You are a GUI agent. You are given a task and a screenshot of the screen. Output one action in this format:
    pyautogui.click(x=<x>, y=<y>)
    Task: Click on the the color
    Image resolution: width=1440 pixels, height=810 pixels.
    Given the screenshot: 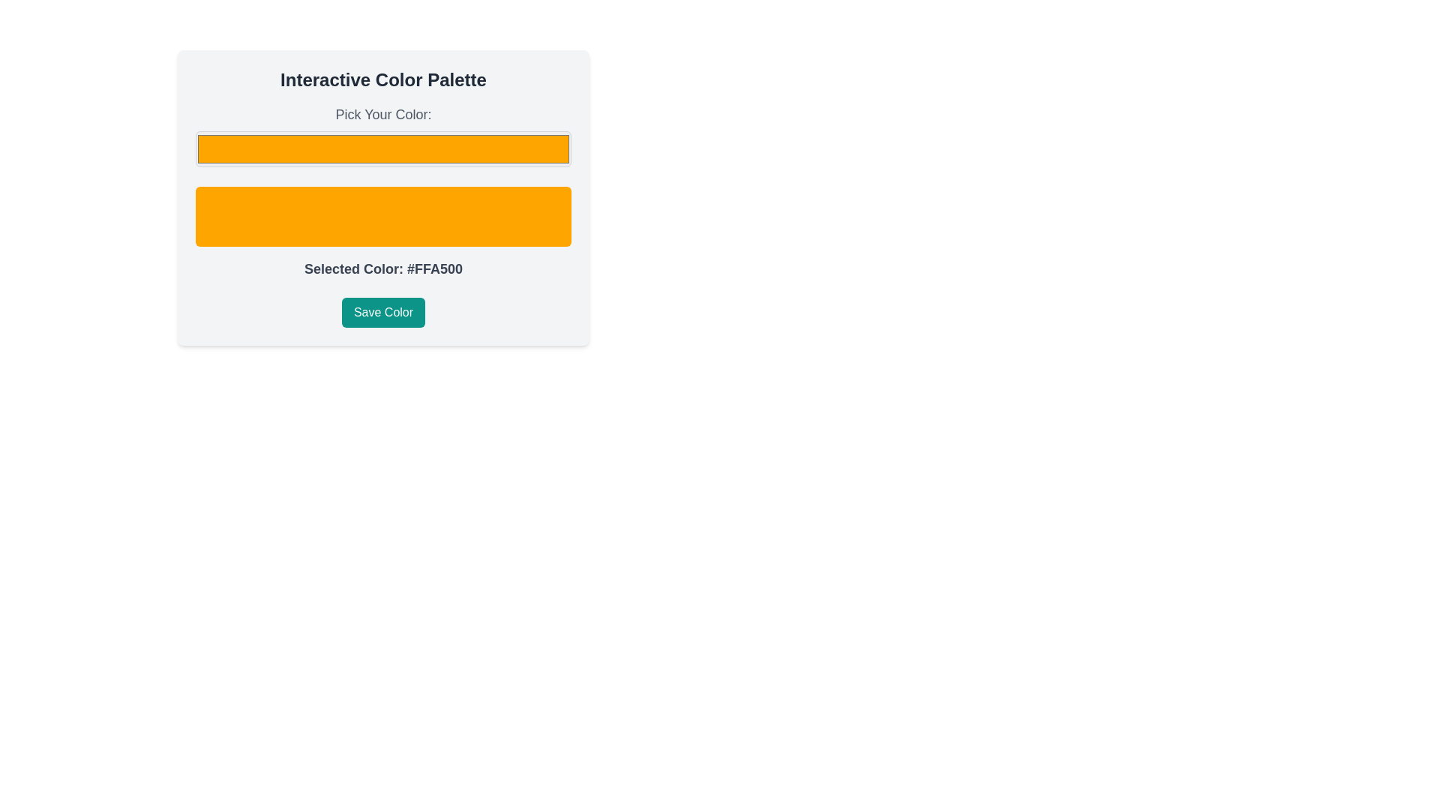 What is the action you would take?
    pyautogui.click(x=383, y=149)
    